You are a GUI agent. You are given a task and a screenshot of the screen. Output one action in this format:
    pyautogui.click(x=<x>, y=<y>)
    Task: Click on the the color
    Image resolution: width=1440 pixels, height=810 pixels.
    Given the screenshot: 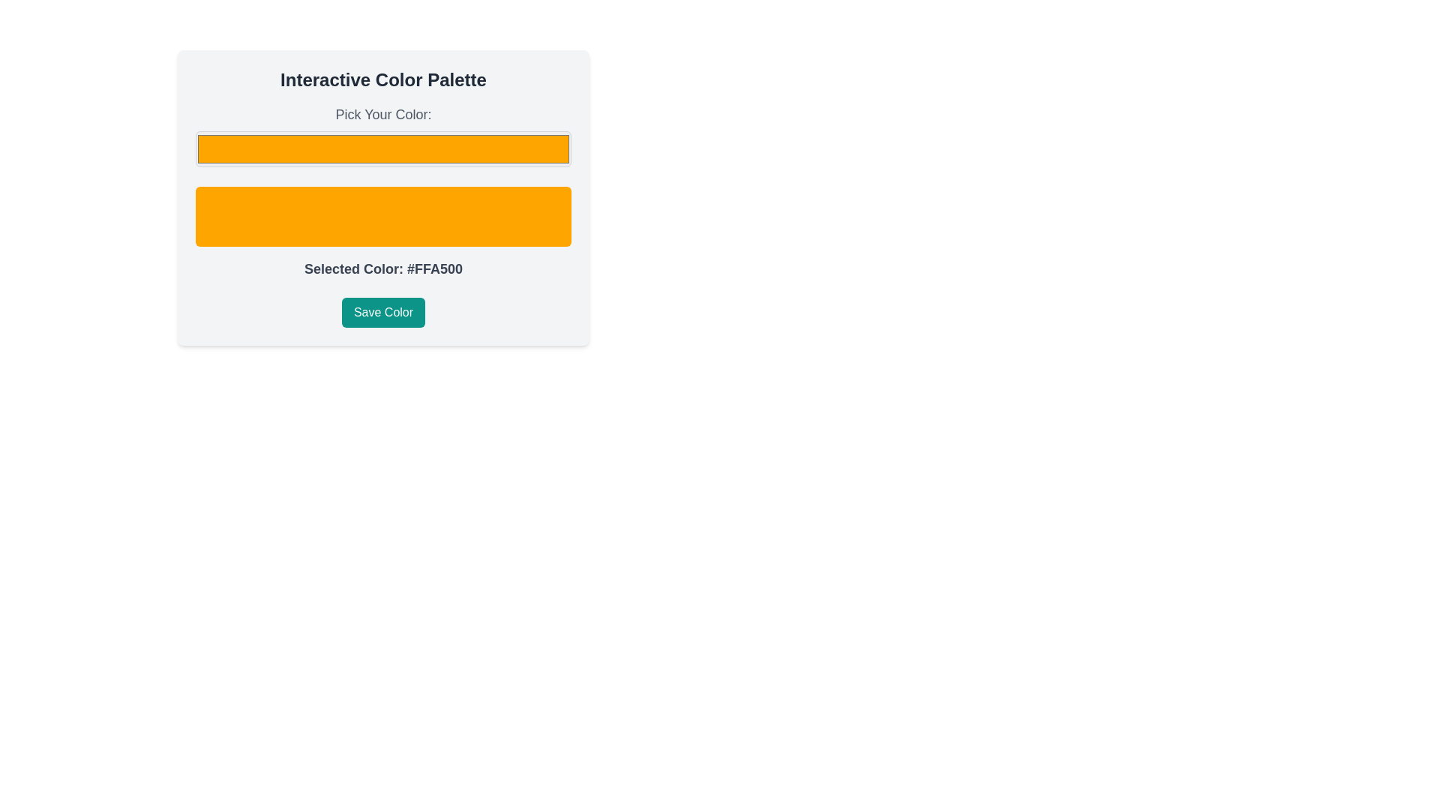 What is the action you would take?
    pyautogui.click(x=383, y=149)
    